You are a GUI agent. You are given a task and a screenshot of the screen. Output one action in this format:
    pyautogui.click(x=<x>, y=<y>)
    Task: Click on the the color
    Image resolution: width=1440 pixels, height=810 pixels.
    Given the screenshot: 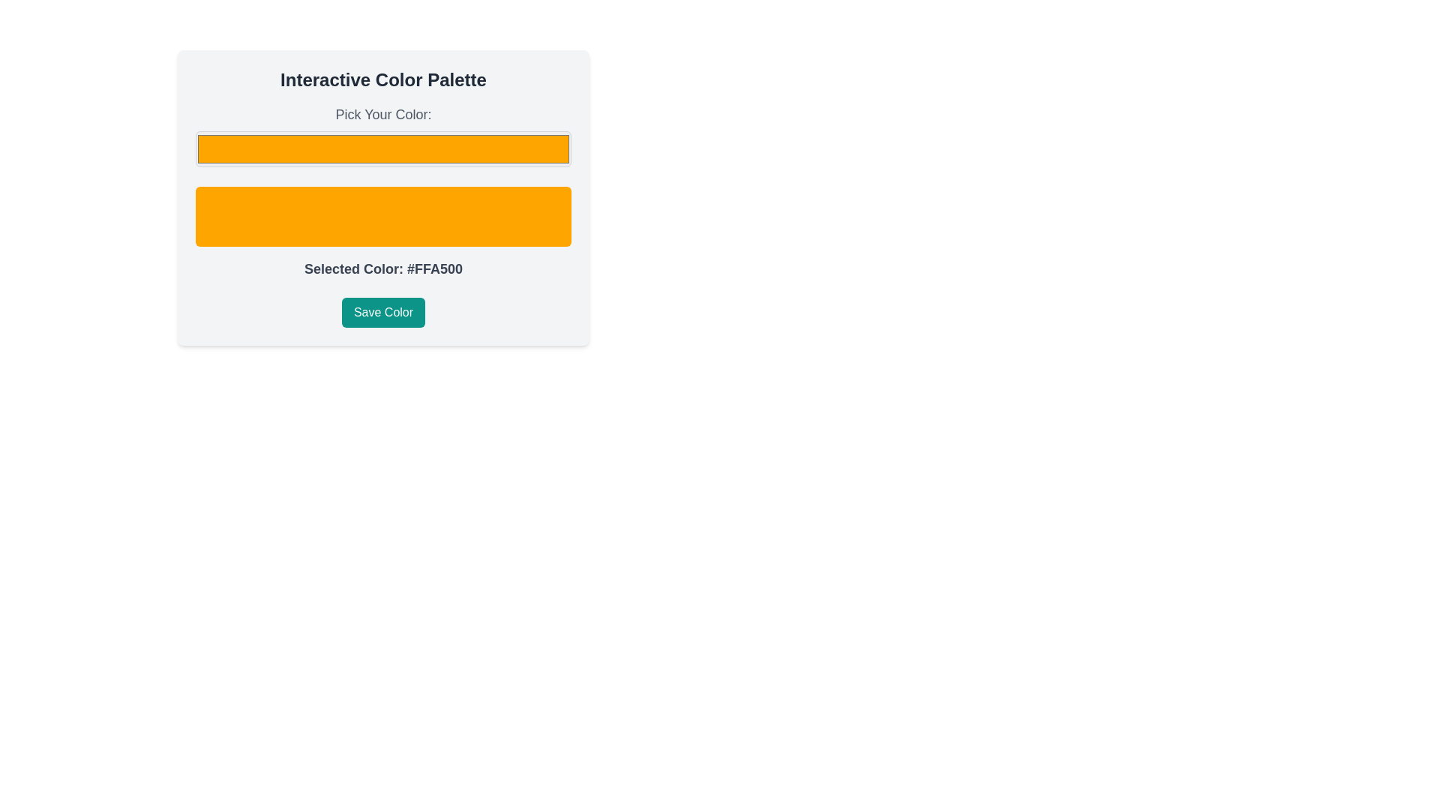 What is the action you would take?
    pyautogui.click(x=383, y=149)
    